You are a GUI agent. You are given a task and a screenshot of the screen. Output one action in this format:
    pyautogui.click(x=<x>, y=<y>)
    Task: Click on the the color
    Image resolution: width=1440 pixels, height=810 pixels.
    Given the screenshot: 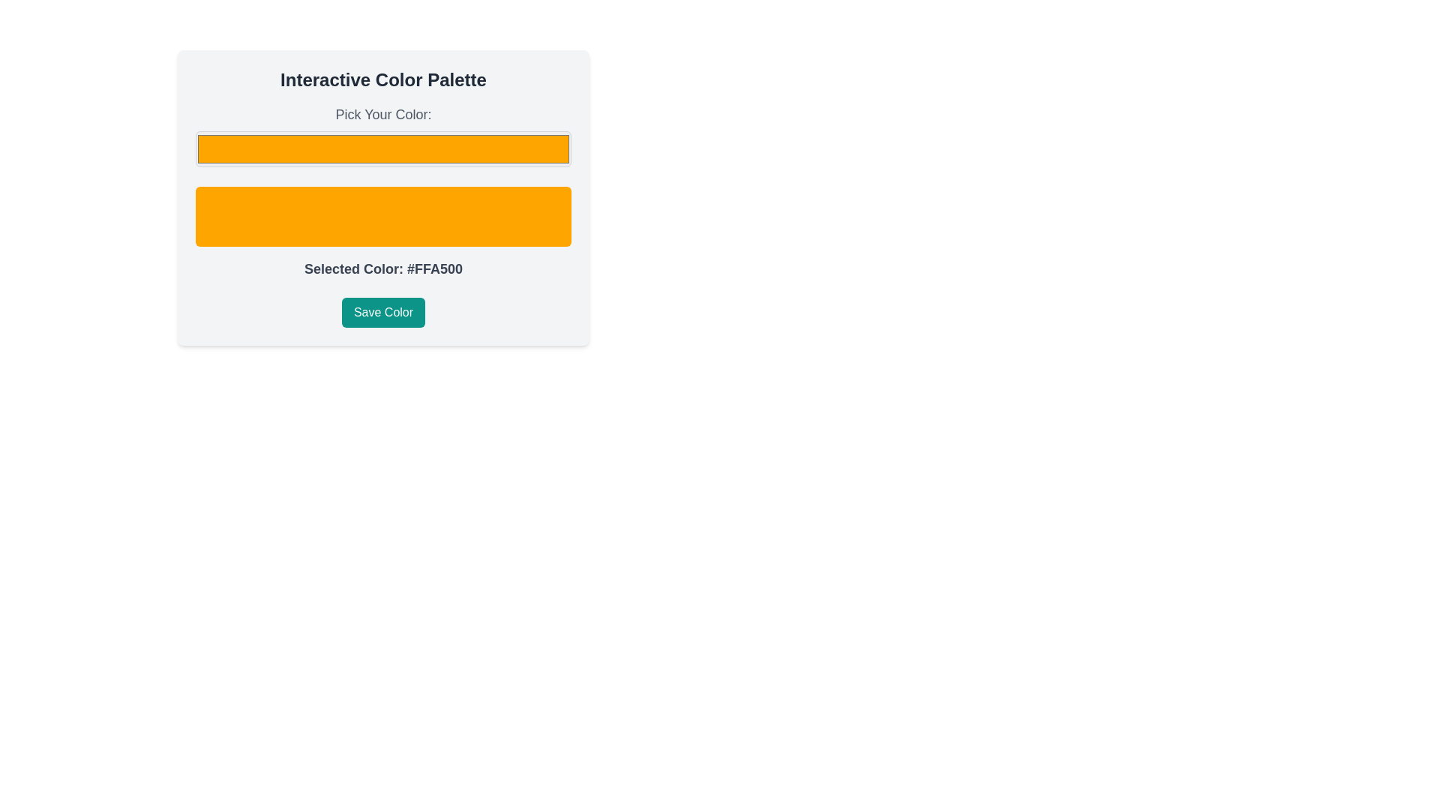 What is the action you would take?
    pyautogui.click(x=383, y=149)
    